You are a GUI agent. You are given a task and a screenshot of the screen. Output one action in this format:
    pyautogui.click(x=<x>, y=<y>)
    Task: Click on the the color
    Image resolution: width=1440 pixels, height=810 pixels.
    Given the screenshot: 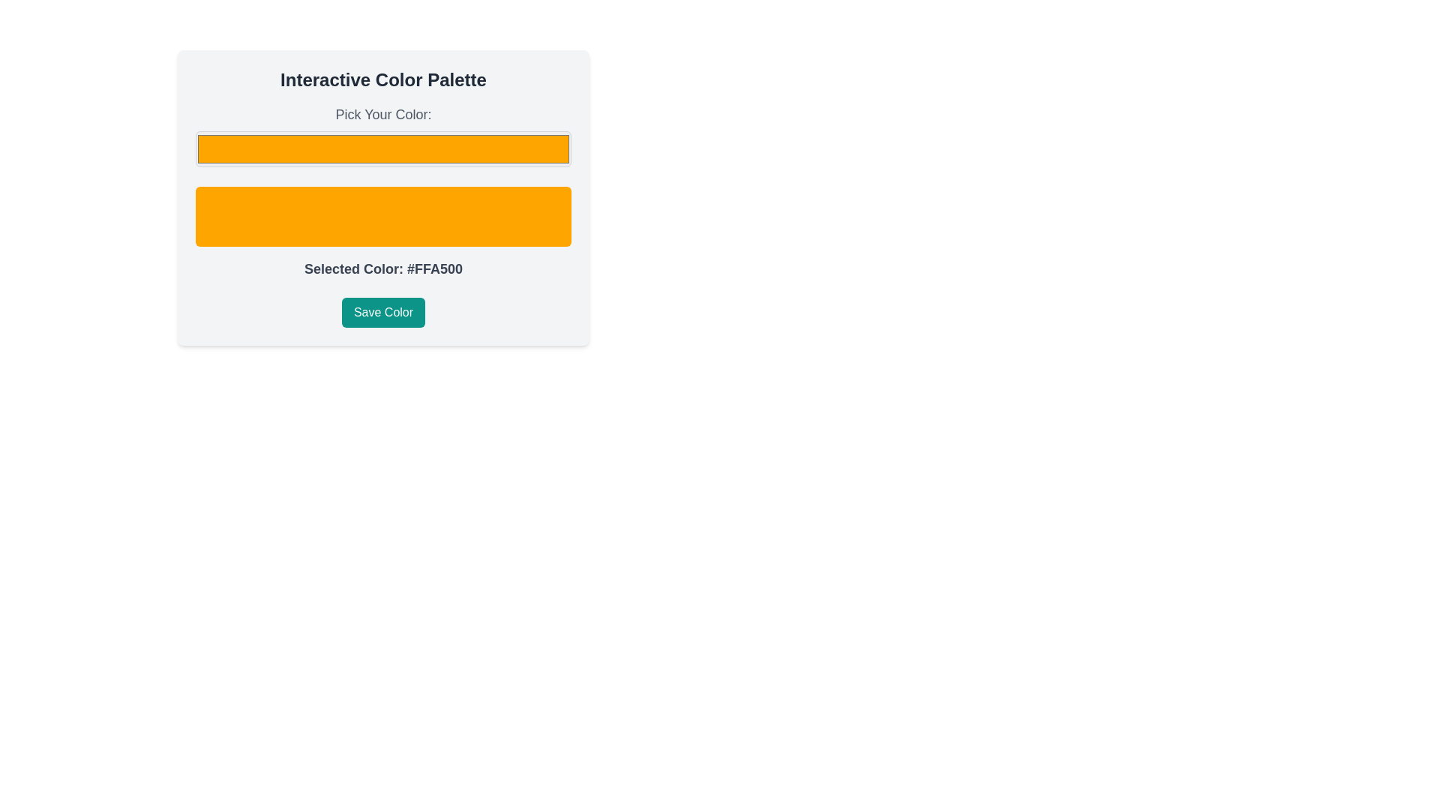 What is the action you would take?
    pyautogui.click(x=383, y=149)
    